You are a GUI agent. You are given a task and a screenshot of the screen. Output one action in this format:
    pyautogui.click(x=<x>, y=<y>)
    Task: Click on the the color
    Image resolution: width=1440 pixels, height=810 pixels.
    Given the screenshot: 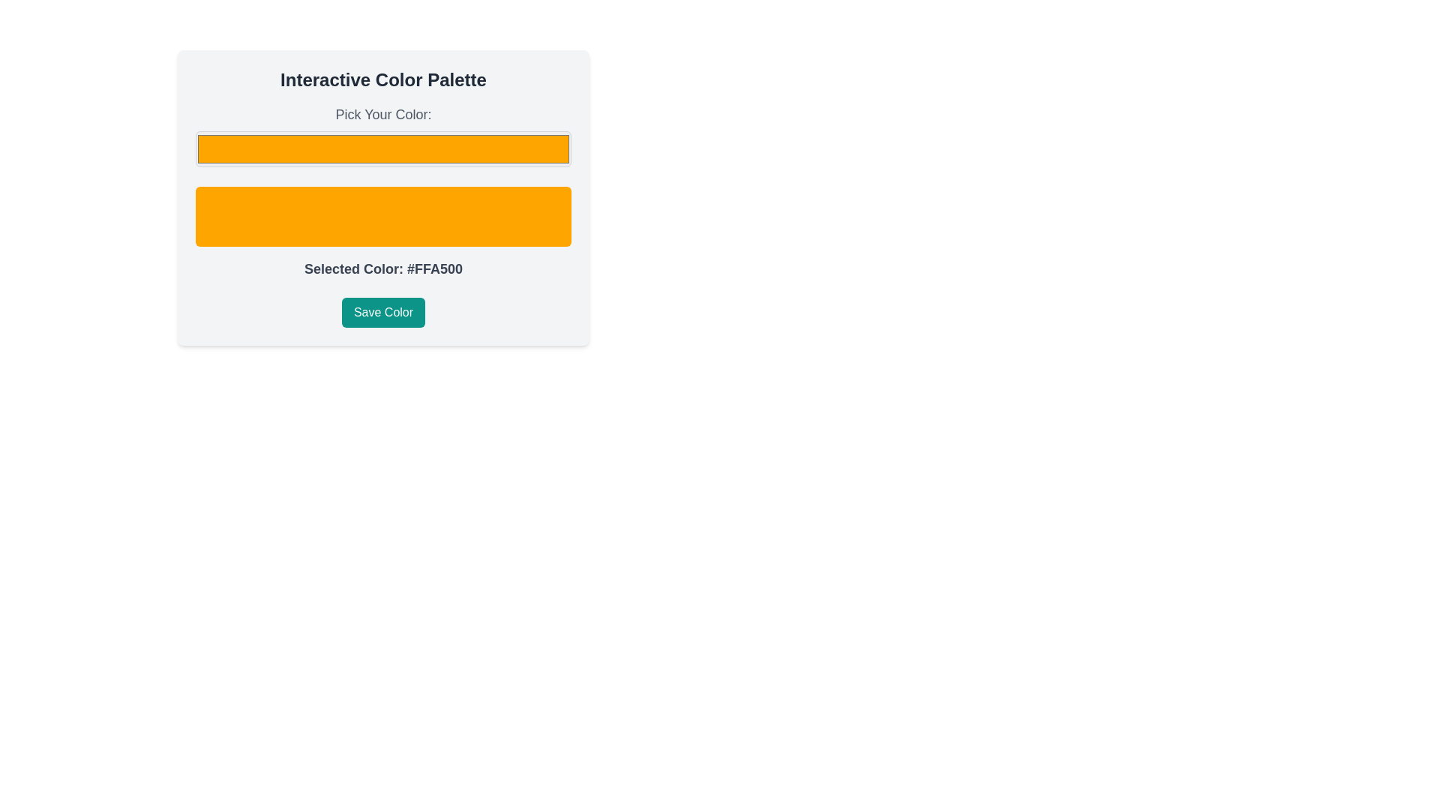 What is the action you would take?
    pyautogui.click(x=383, y=149)
    